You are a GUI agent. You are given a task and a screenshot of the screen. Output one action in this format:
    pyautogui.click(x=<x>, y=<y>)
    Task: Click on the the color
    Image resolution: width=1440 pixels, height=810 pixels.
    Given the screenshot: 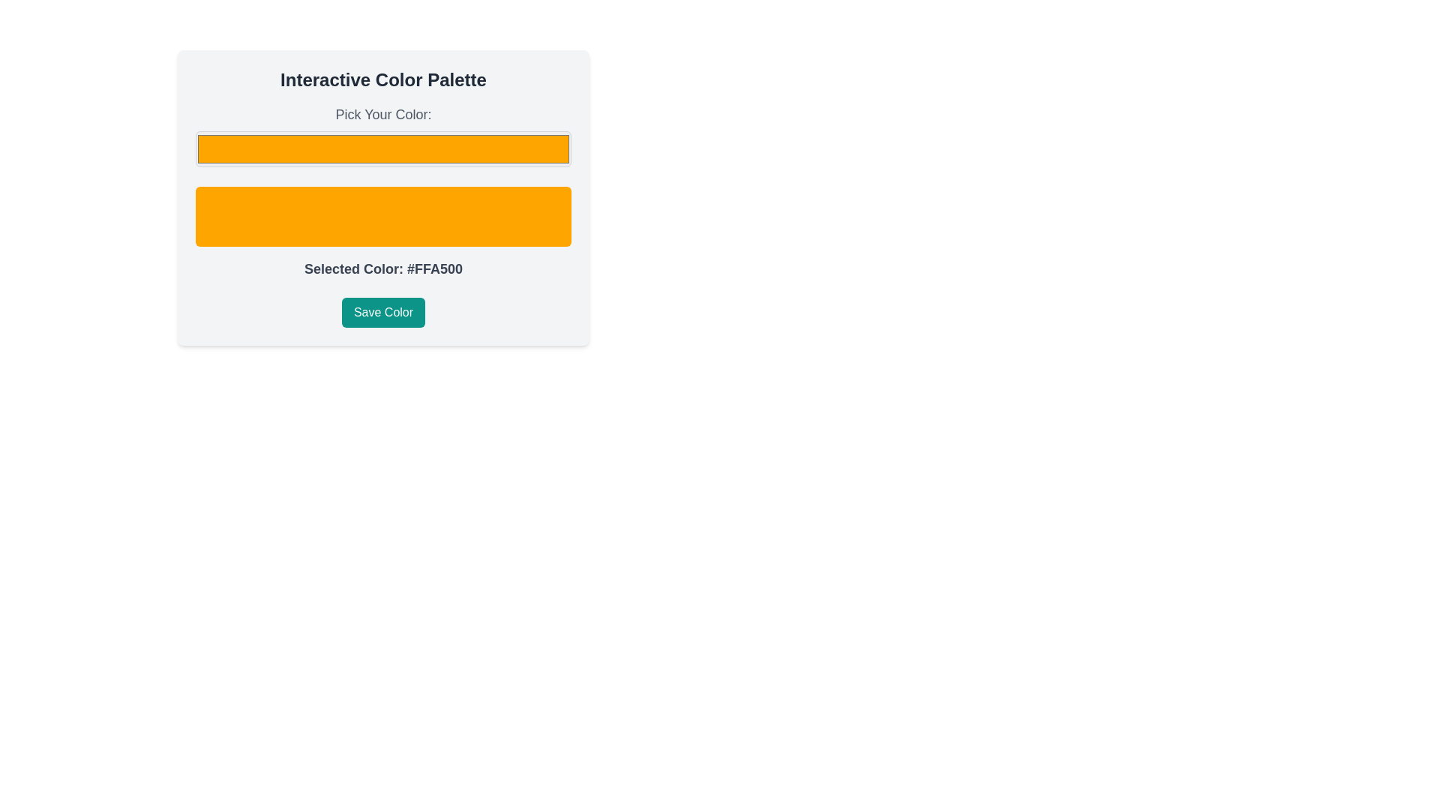 What is the action you would take?
    pyautogui.click(x=383, y=149)
    